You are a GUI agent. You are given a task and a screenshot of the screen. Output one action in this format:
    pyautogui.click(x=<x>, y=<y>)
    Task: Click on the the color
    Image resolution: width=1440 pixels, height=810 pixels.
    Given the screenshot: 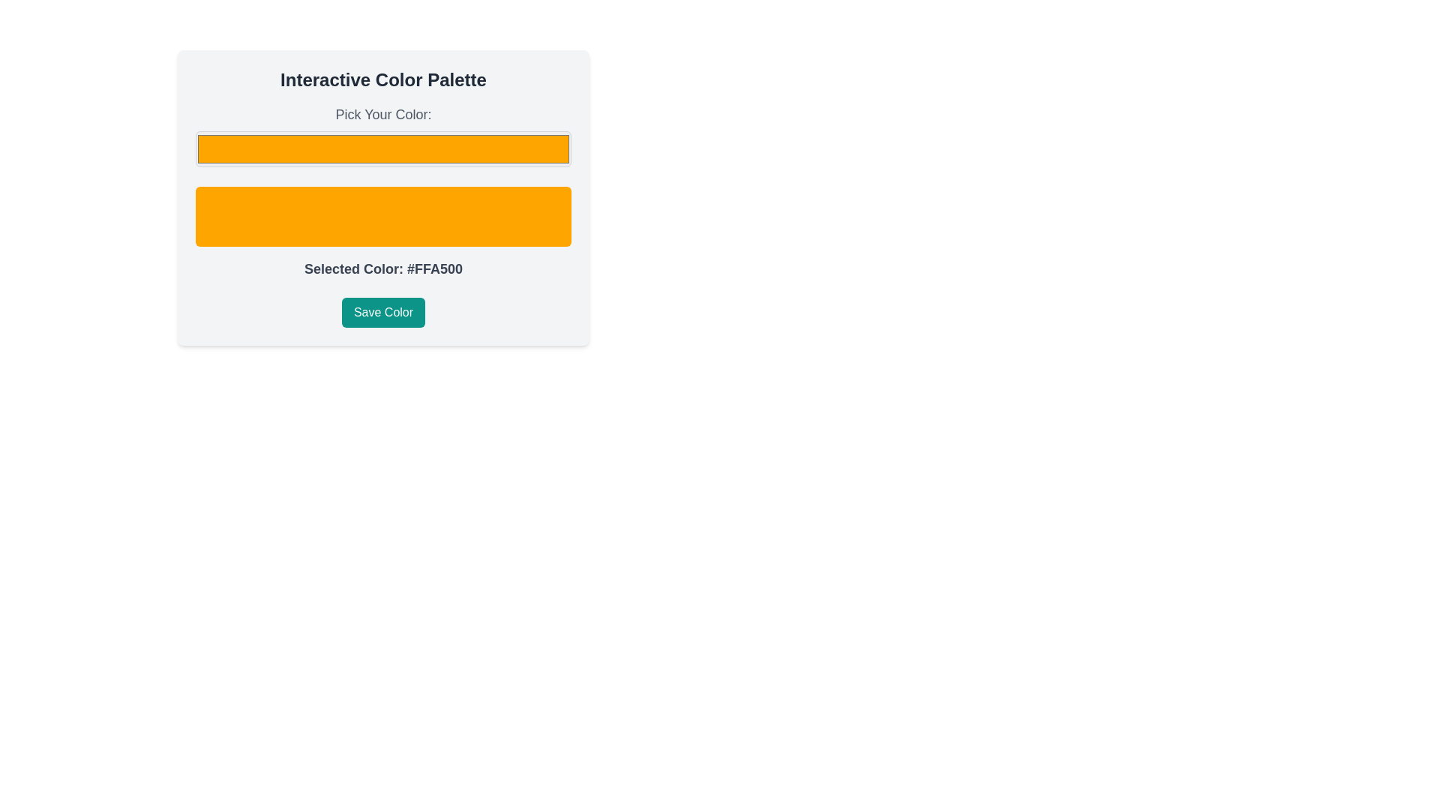 What is the action you would take?
    pyautogui.click(x=383, y=149)
    